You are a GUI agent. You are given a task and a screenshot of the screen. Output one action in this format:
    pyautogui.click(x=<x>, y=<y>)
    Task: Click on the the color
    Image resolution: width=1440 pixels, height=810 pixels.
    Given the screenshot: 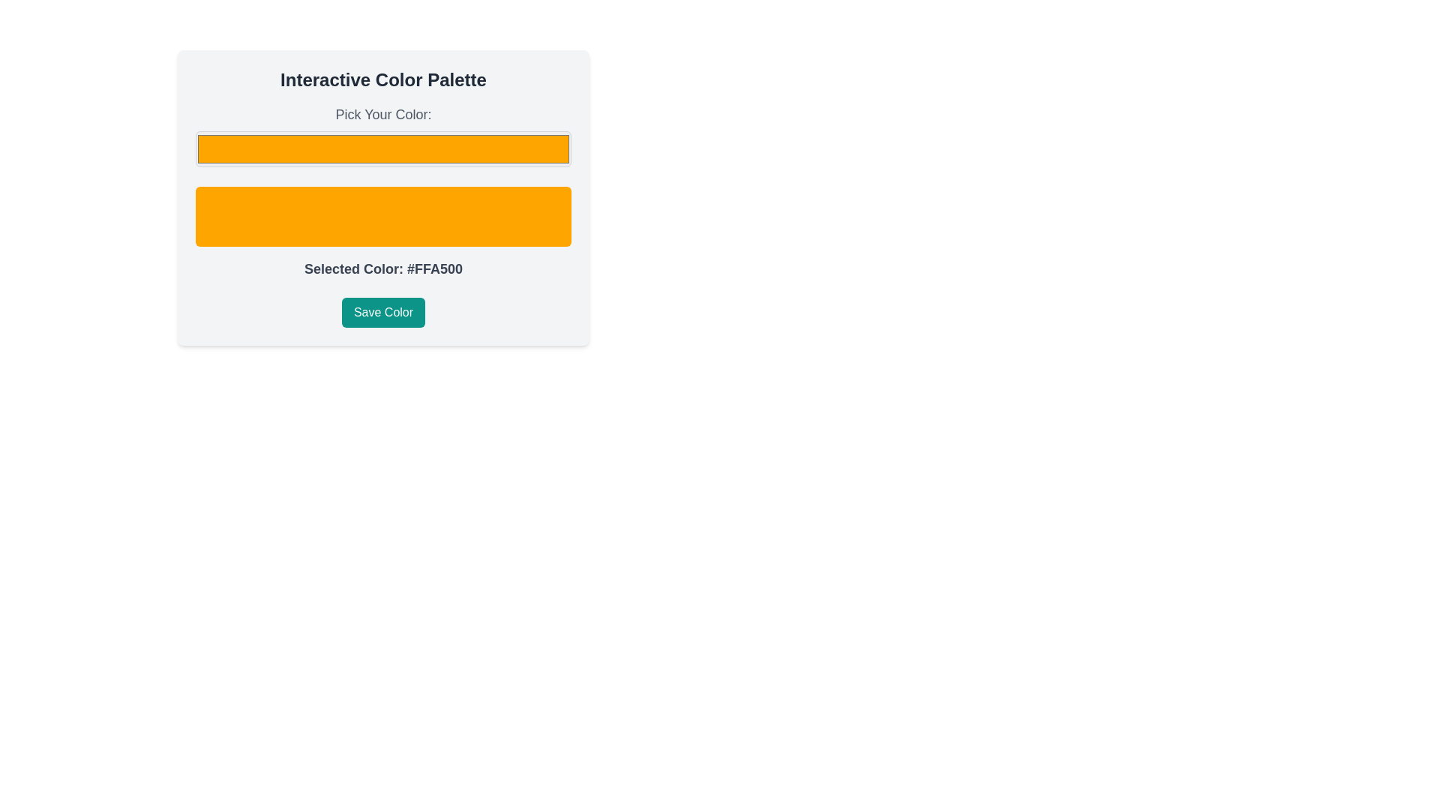 What is the action you would take?
    pyautogui.click(x=383, y=149)
    